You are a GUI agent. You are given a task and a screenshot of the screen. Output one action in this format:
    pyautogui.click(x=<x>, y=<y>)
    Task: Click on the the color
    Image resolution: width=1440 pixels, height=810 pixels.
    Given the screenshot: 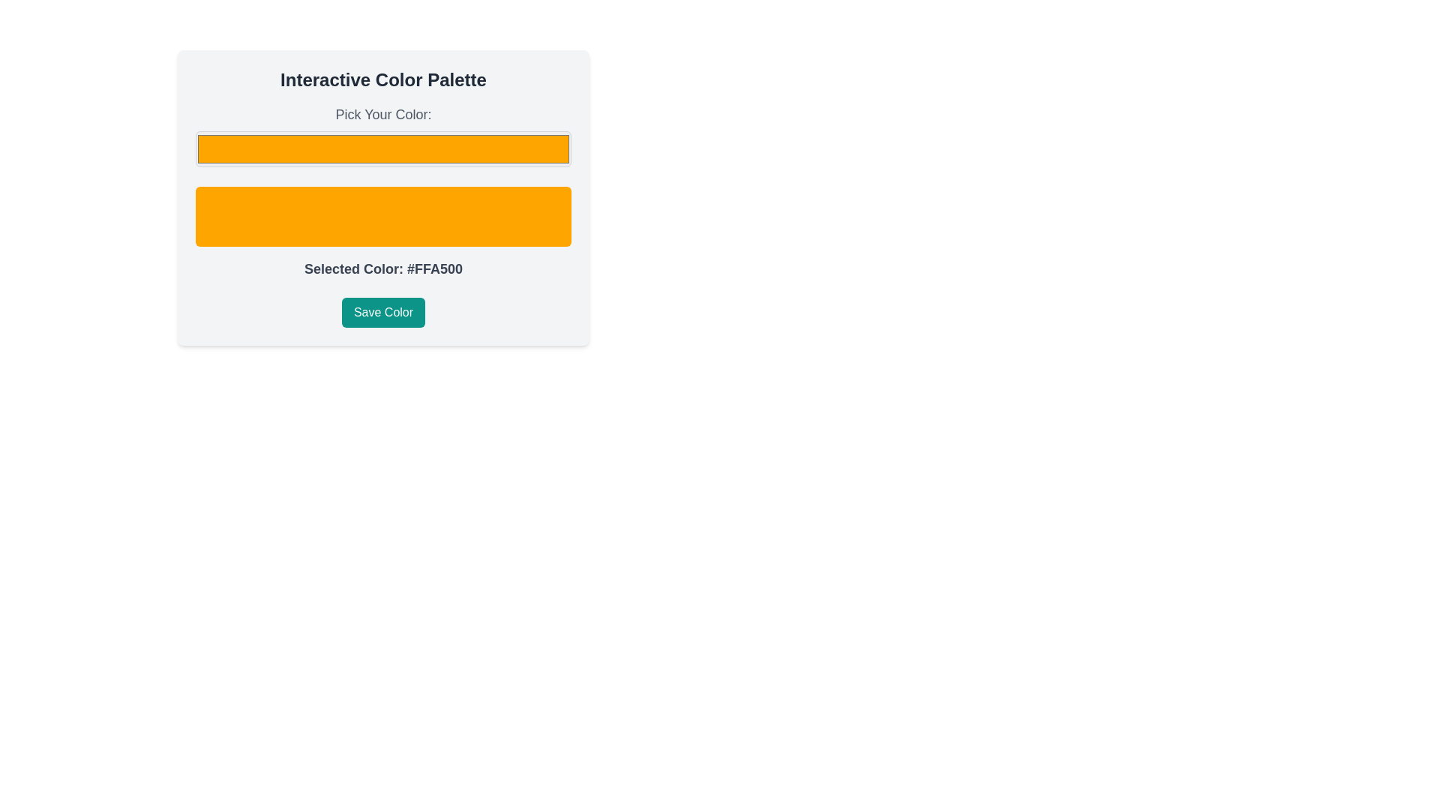 What is the action you would take?
    pyautogui.click(x=383, y=149)
    